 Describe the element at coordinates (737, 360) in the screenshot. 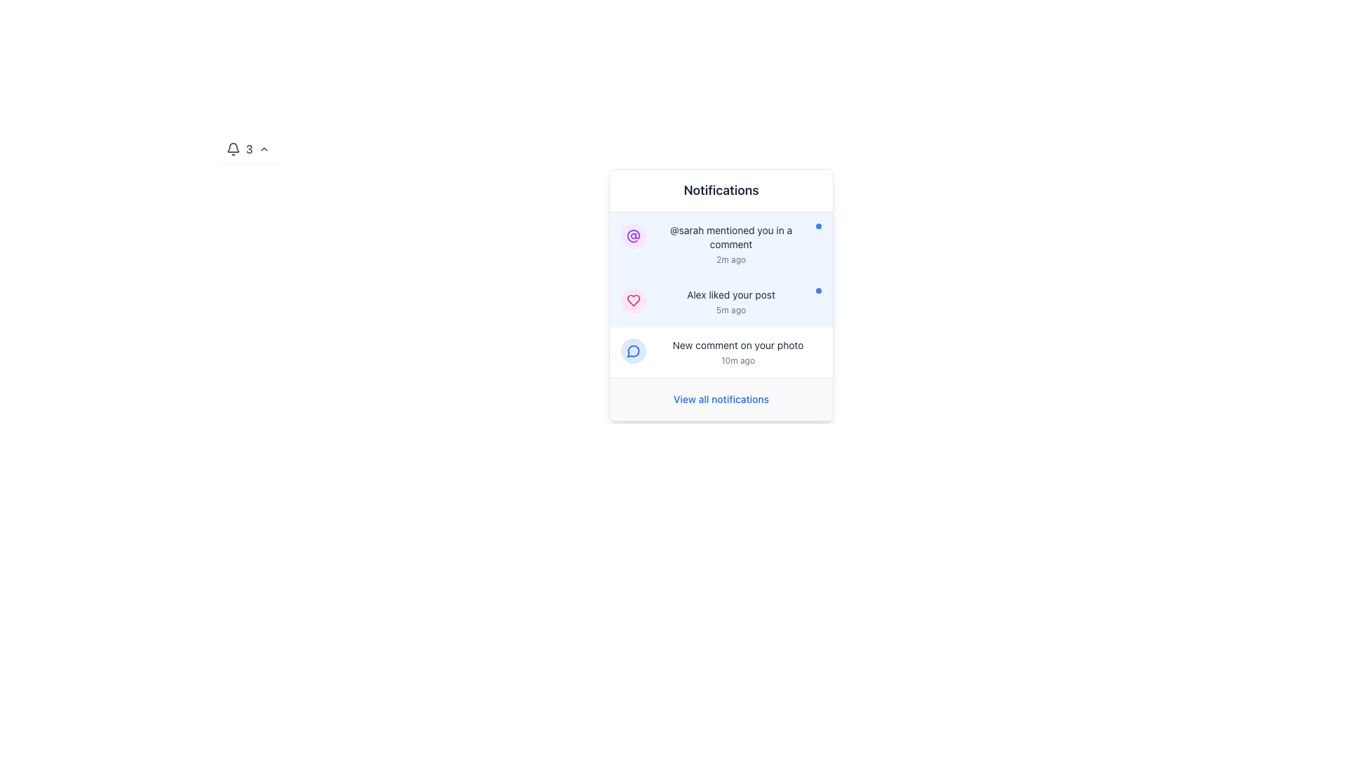

I see `the timestamp text label that indicates when a new comment on a photo occurred, located under the 'New comment on your photo' description within the notification card` at that location.